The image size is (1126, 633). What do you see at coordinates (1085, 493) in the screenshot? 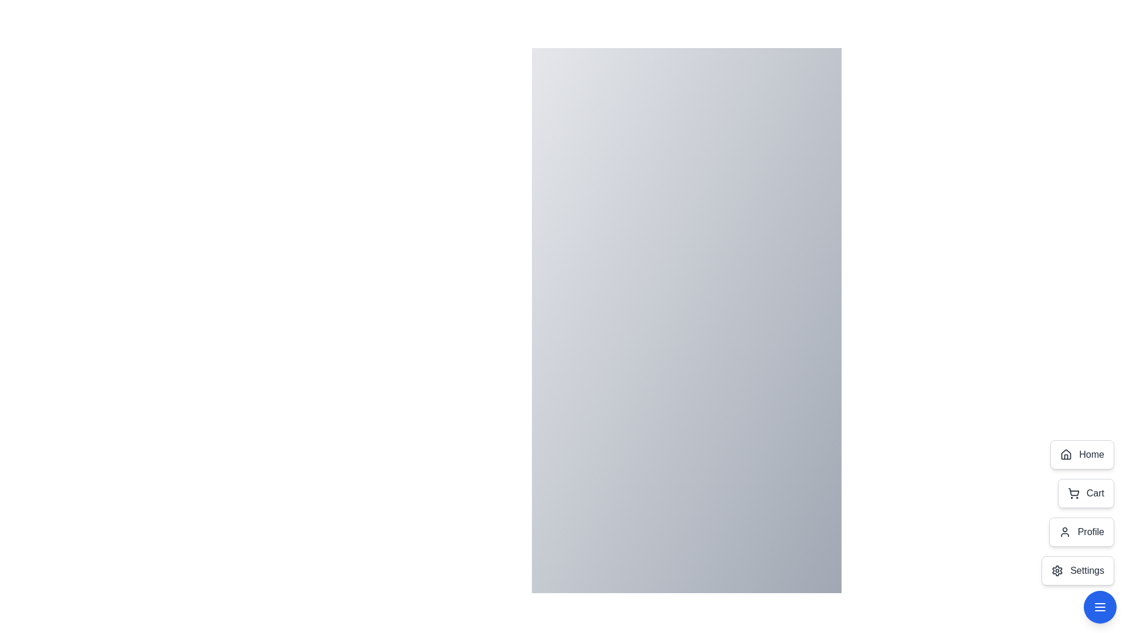
I see `the Cart navigation button` at bounding box center [1085, 493].